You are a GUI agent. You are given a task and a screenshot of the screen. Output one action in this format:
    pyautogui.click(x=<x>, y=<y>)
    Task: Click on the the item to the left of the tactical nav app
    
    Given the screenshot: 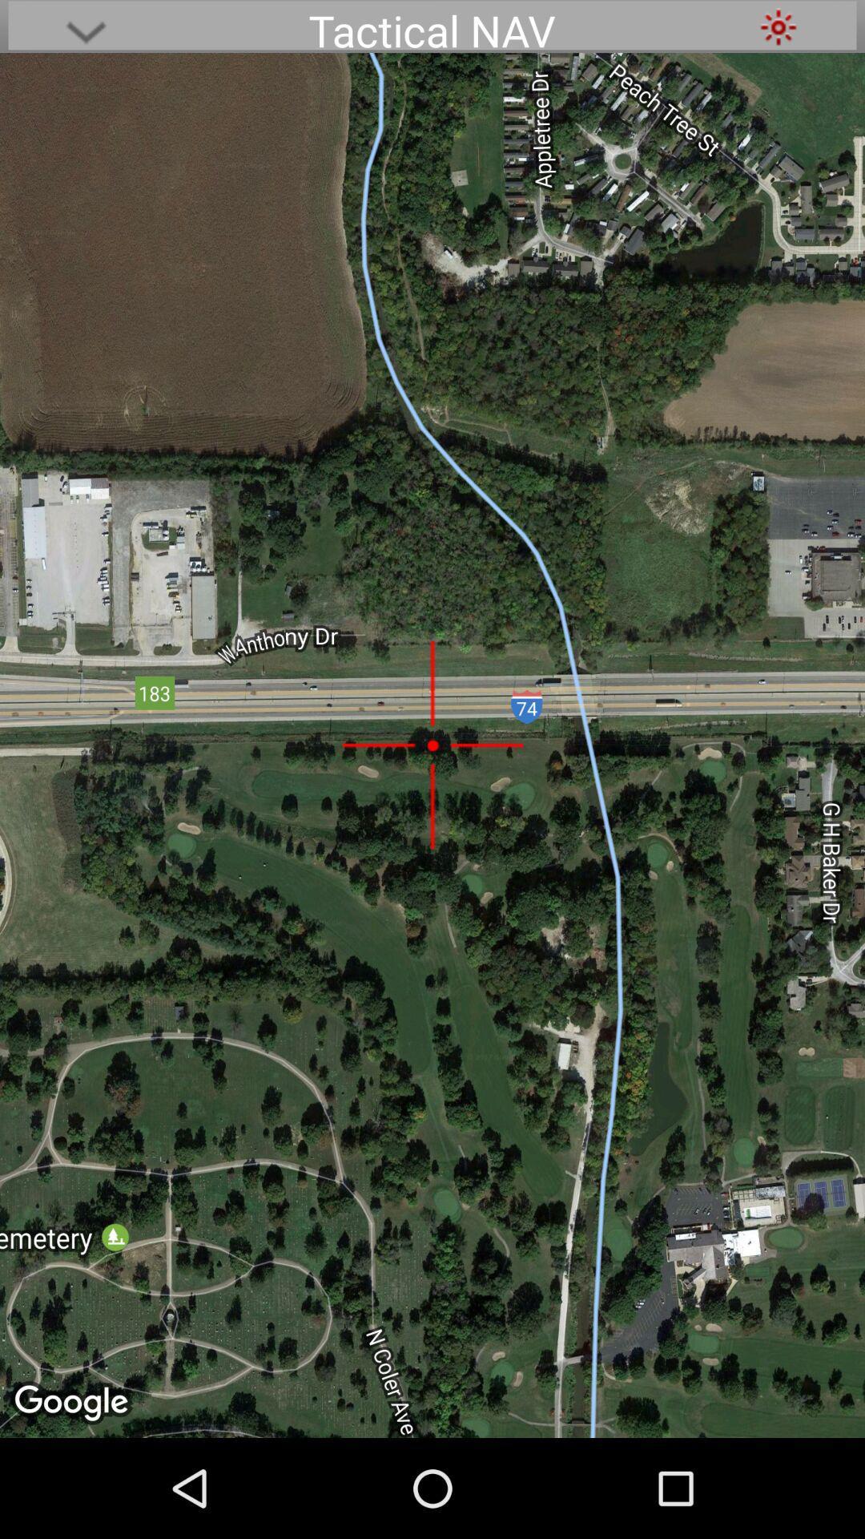 What is the action you would take?
    pyautogui.click(x=86, y=26)
    